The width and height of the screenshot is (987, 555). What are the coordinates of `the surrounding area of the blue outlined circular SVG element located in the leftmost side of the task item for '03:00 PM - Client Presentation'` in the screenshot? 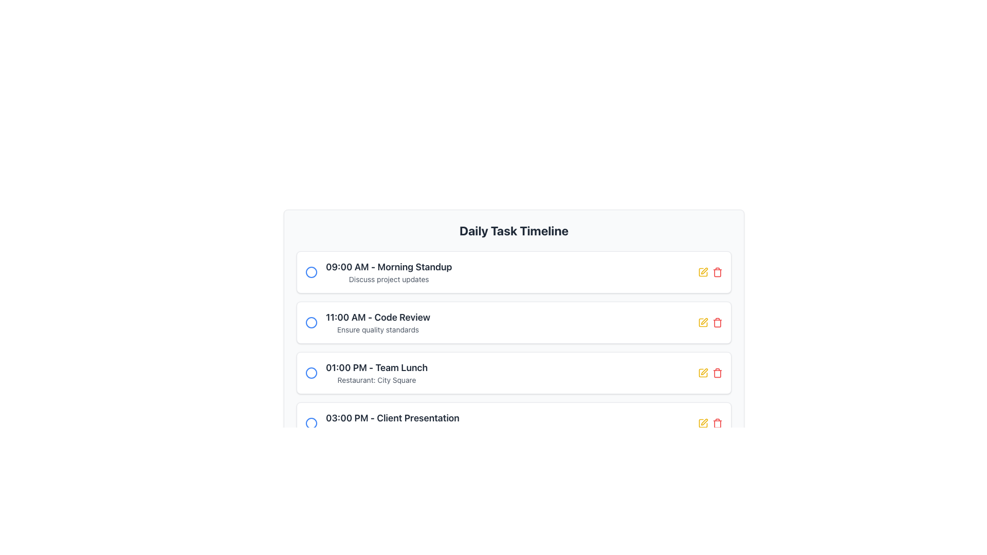 It's located at (310, 423).